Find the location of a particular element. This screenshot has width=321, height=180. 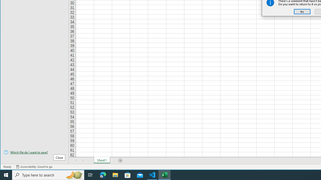

'Accessibility Checker Accessibility: Good to go' is located at coordinates (34, 167).